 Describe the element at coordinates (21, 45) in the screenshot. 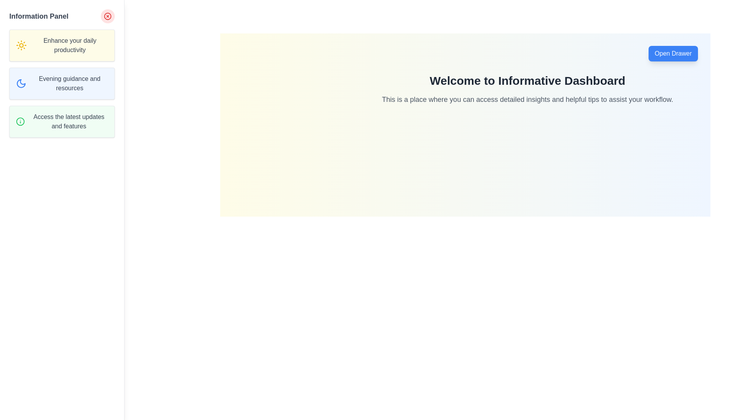

I see `the circular graphical icon component of the sun icon, which is positioned centrally within the sun icon and located near the title 'Enhance your daily productivity.'` at that location.